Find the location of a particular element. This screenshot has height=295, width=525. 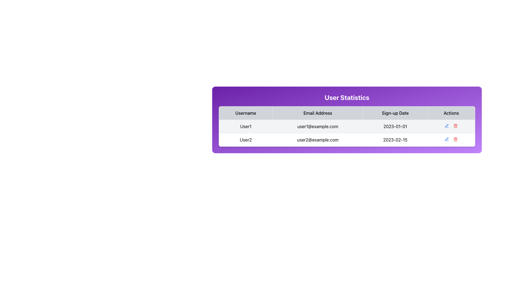

the pen icon located in the 'Actions' column of the second row in the 'User Statistics' table is located at coordinates (447, 139).